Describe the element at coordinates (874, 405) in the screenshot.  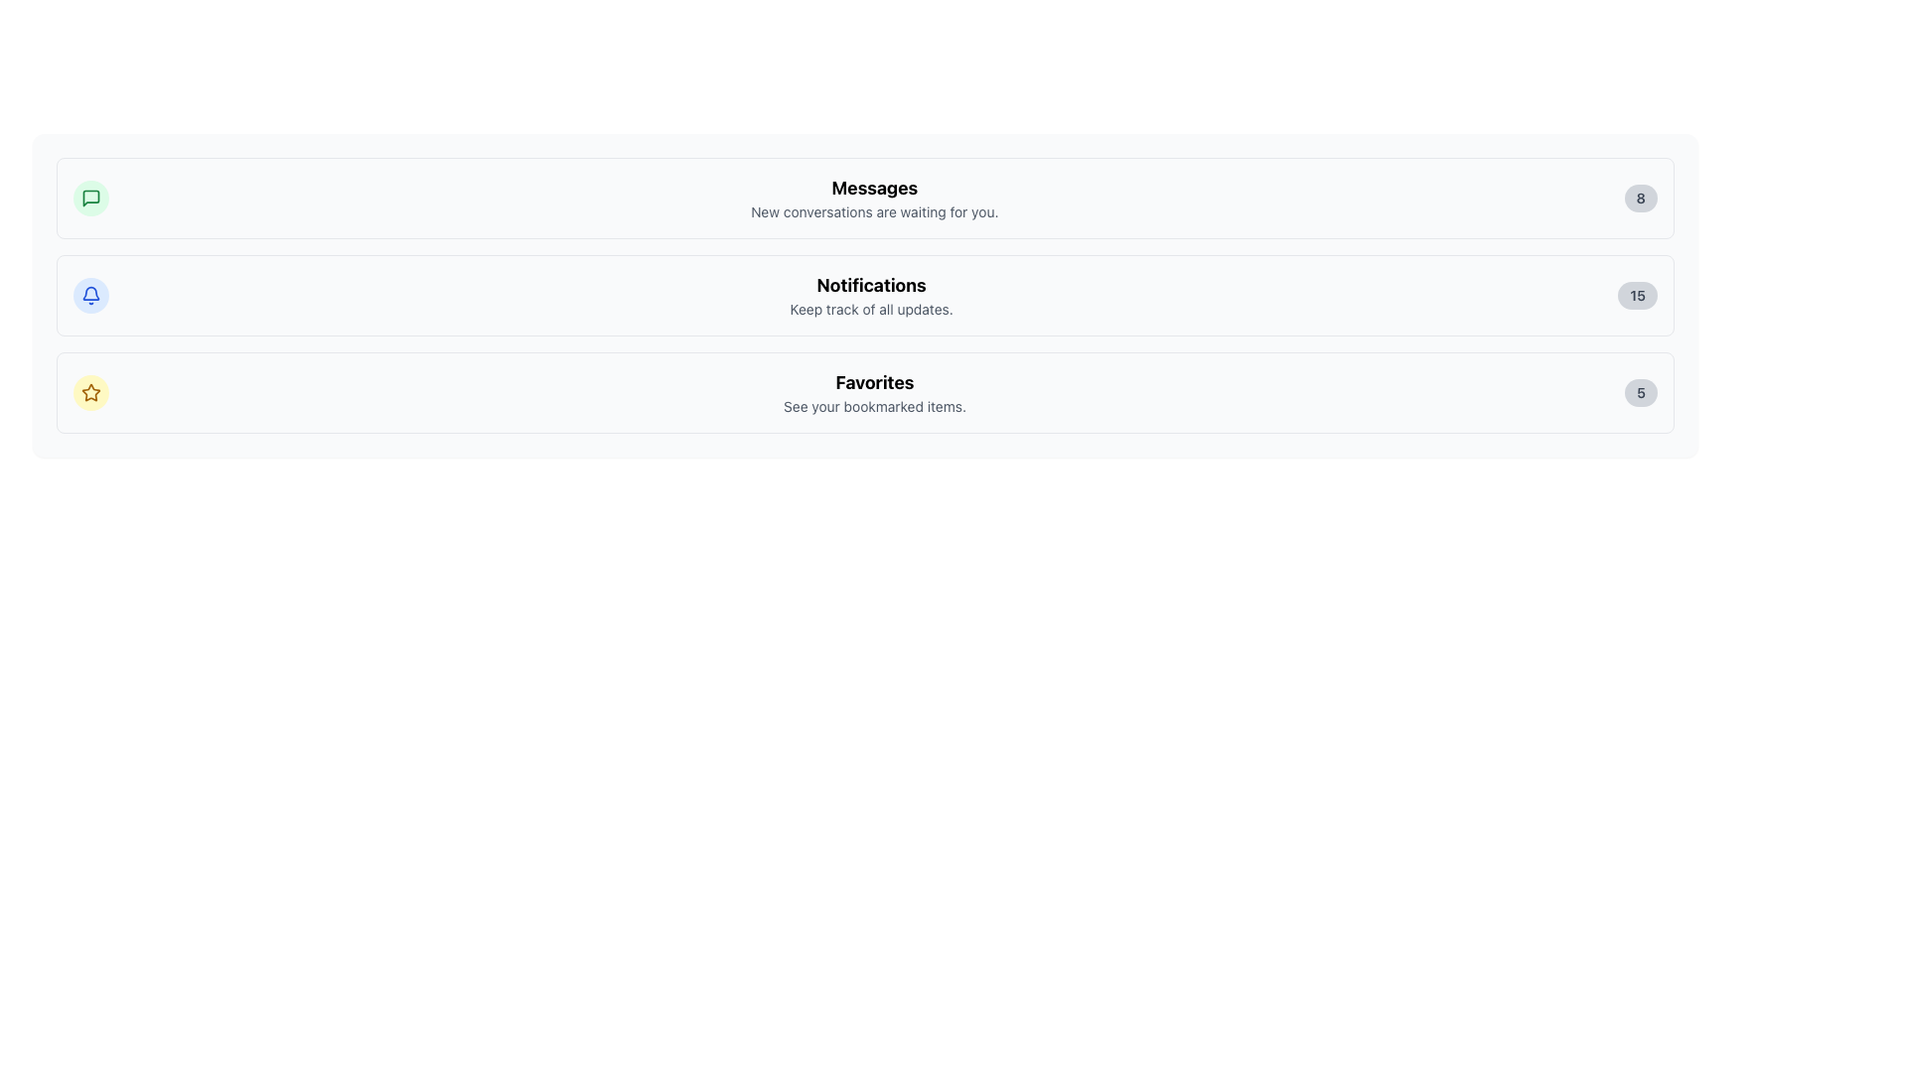
I see `the descriptive text label providing guidance about the 'Favorites' section, located below the bold header 'Favorites'` at that location.